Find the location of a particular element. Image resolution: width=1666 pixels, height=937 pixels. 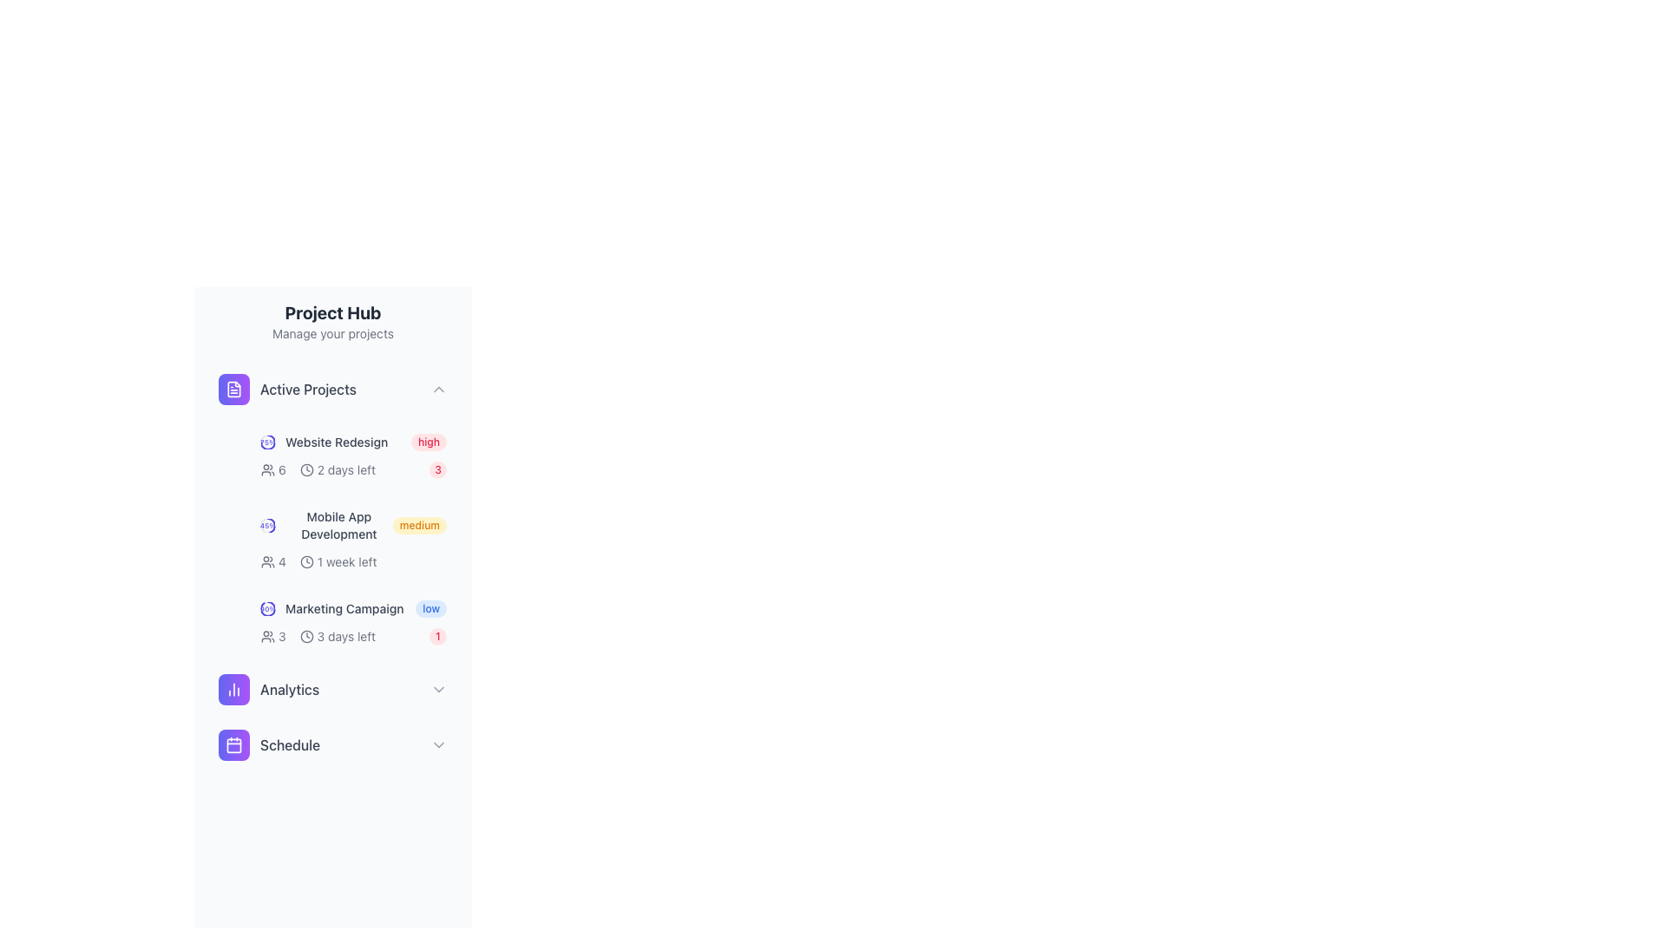

the small downward-facing chevron icon with a 'currentColor' stroke, located to the right of the 'Schedule' text is located at coordinates (438, 744).